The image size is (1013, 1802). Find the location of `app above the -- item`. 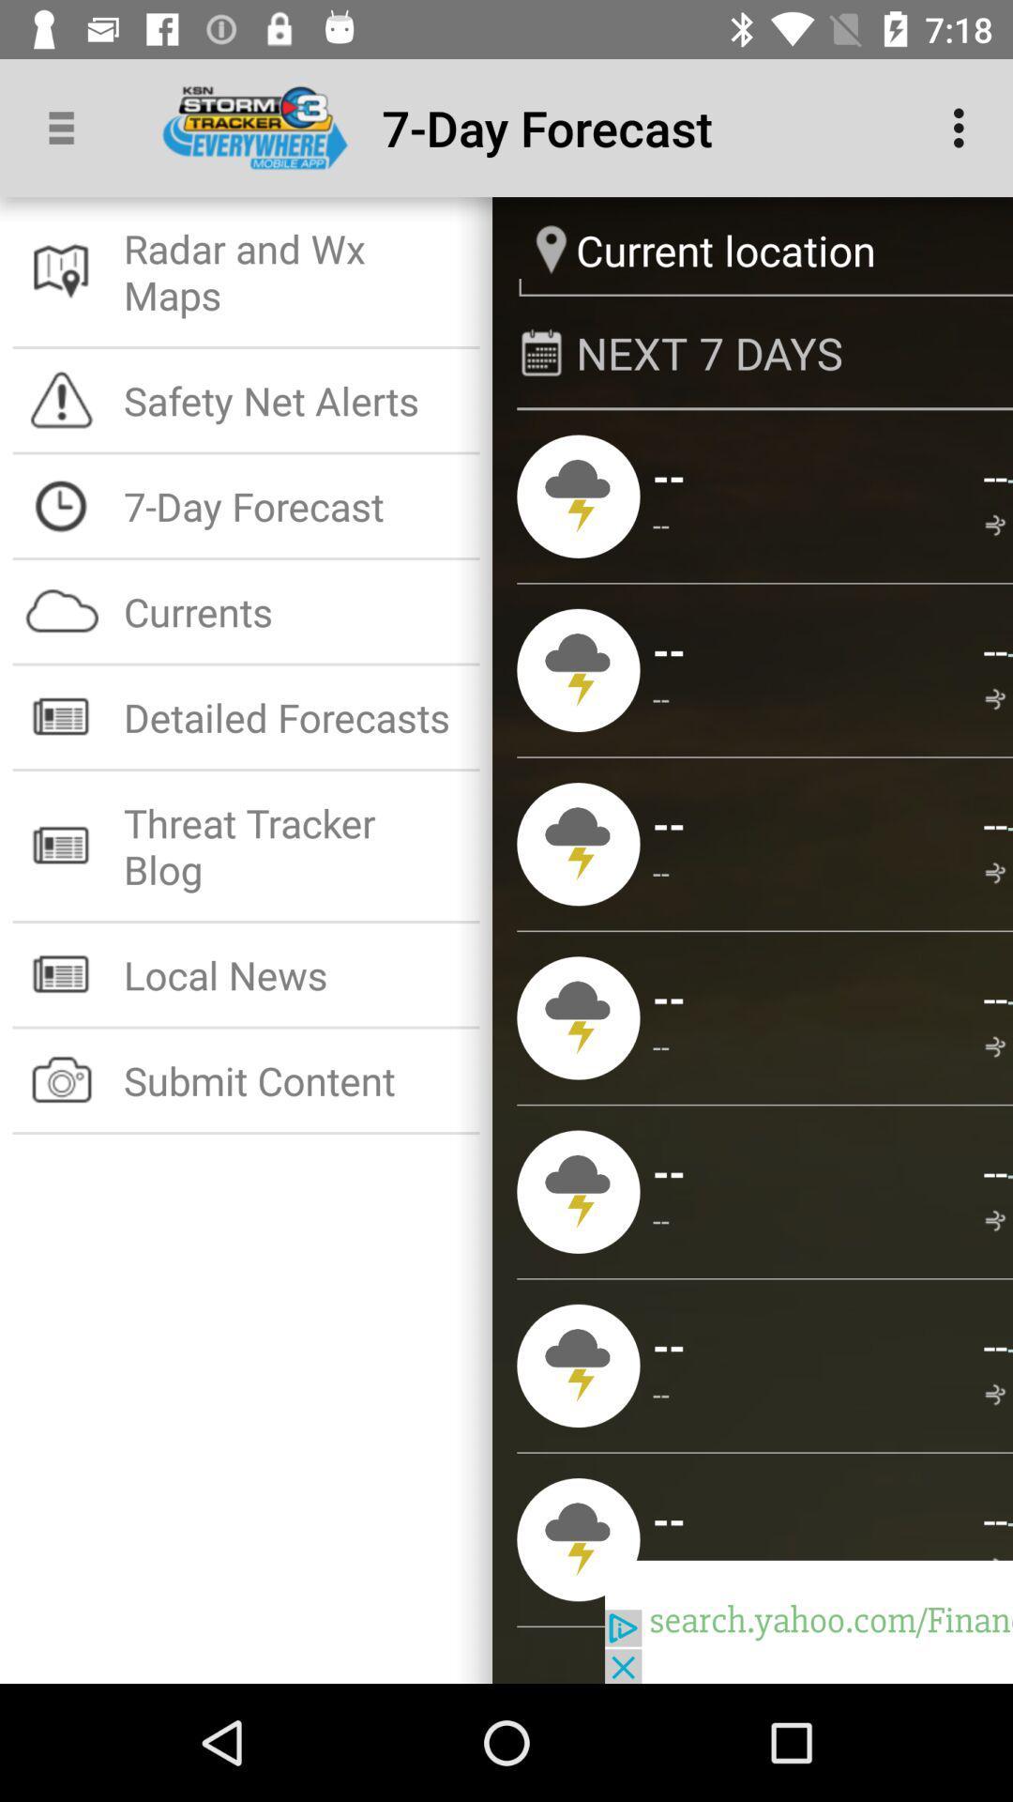

app above the -- item is located at coordinates (997, 698).